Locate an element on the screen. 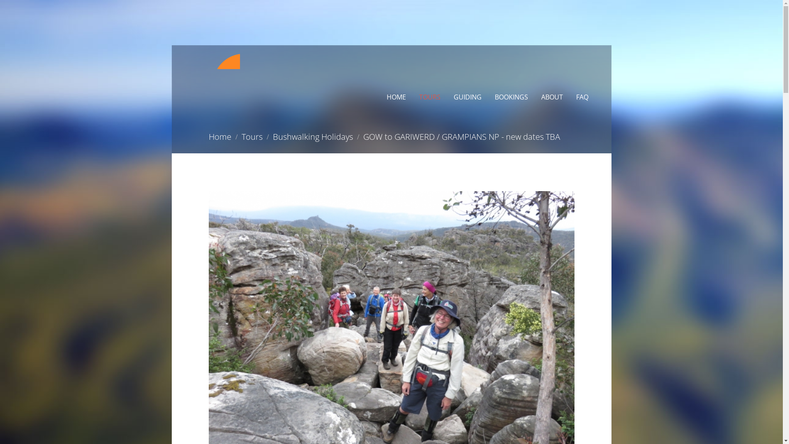 This screenshot has width=789, height=444. 'FAQ' is located at coordinates (581, 96).